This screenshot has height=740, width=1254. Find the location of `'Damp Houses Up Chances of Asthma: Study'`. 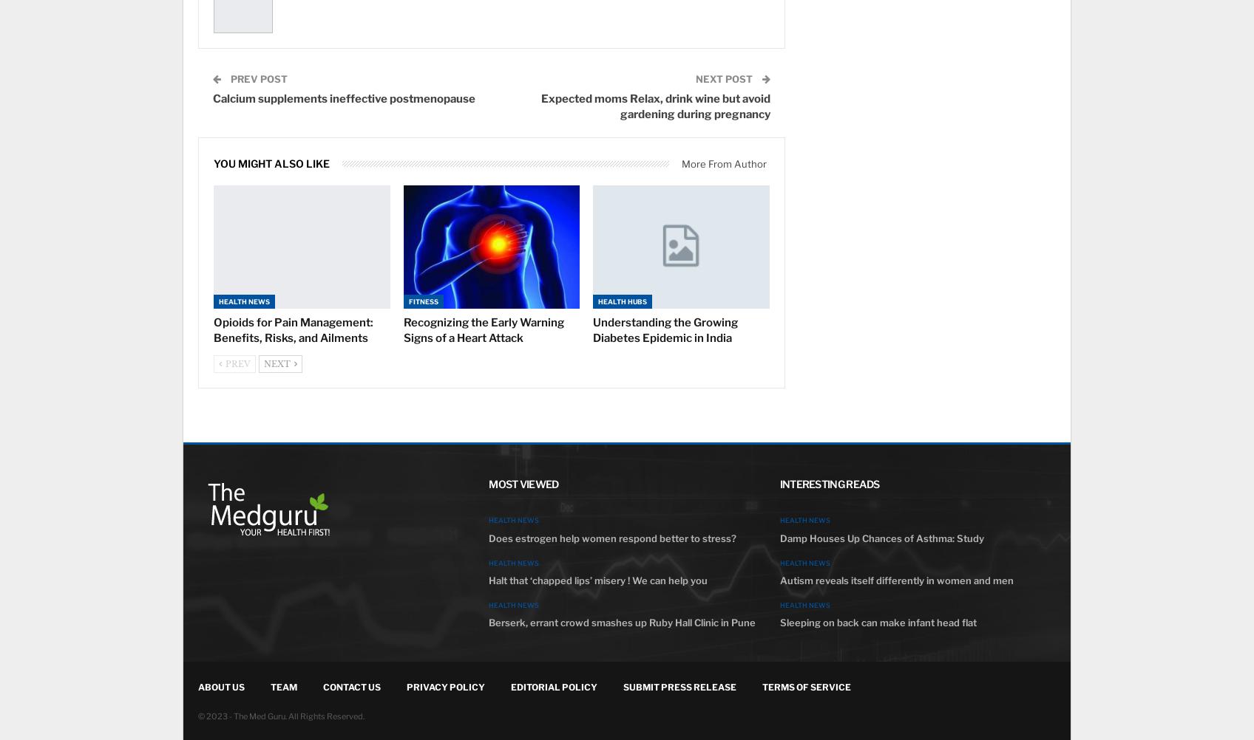

'Damp Houses Up Chances of Asthma: Study' is located at coordinates (881, 537).